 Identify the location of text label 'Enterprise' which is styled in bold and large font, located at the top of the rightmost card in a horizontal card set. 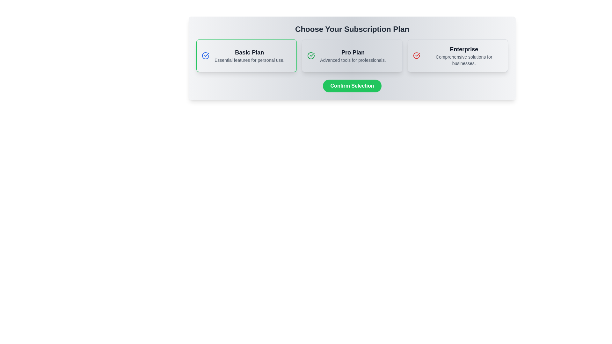
(464, 49).